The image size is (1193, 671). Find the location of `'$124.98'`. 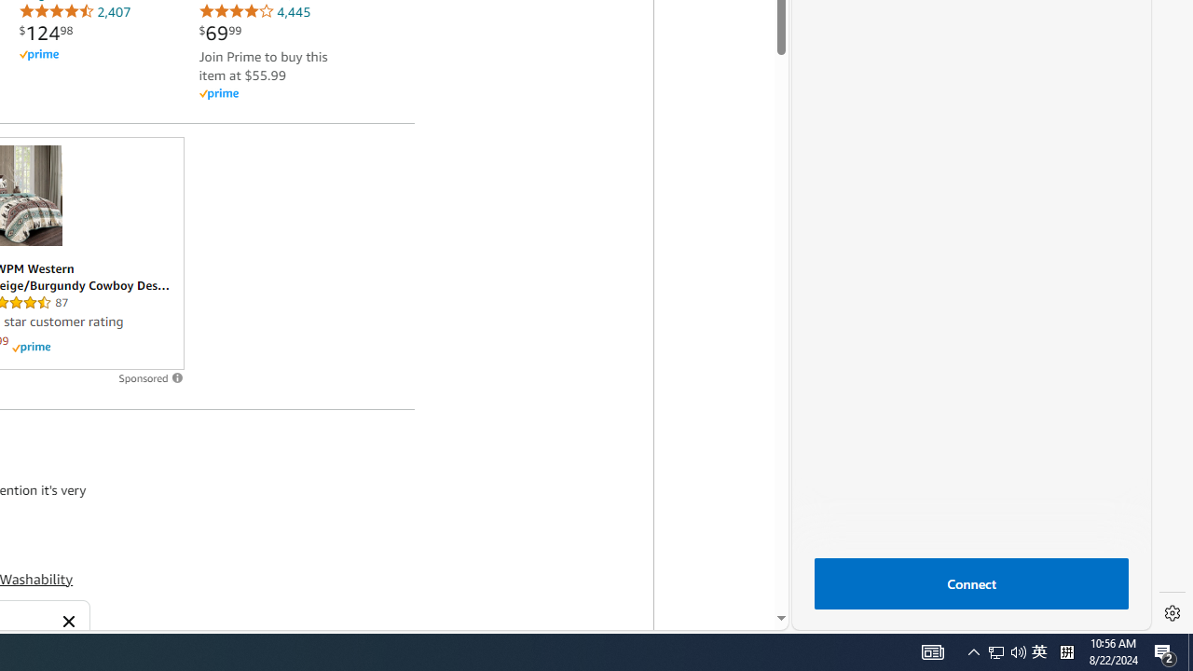

'$124.98' is located at coordinates (46, 33).